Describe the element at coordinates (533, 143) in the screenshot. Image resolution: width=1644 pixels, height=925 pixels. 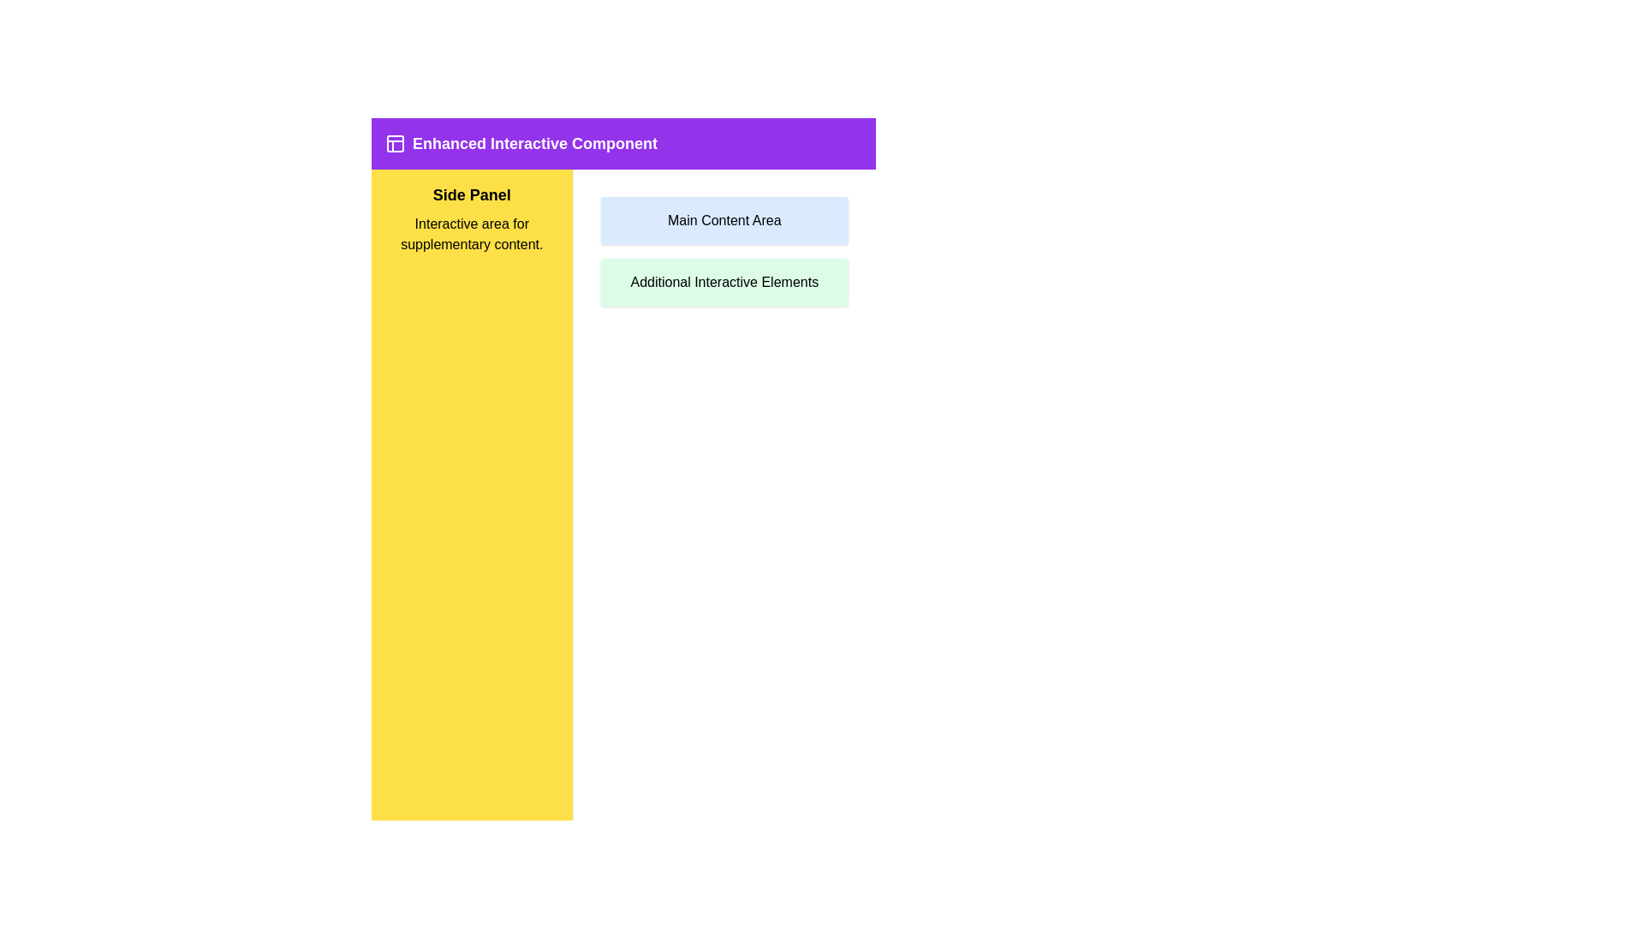
I see `the text label displaying 'Enhanced Interactive Component' which is styled in bold, large white font on a purple rectangular background, located at the central section of the top purple bar` at that location.